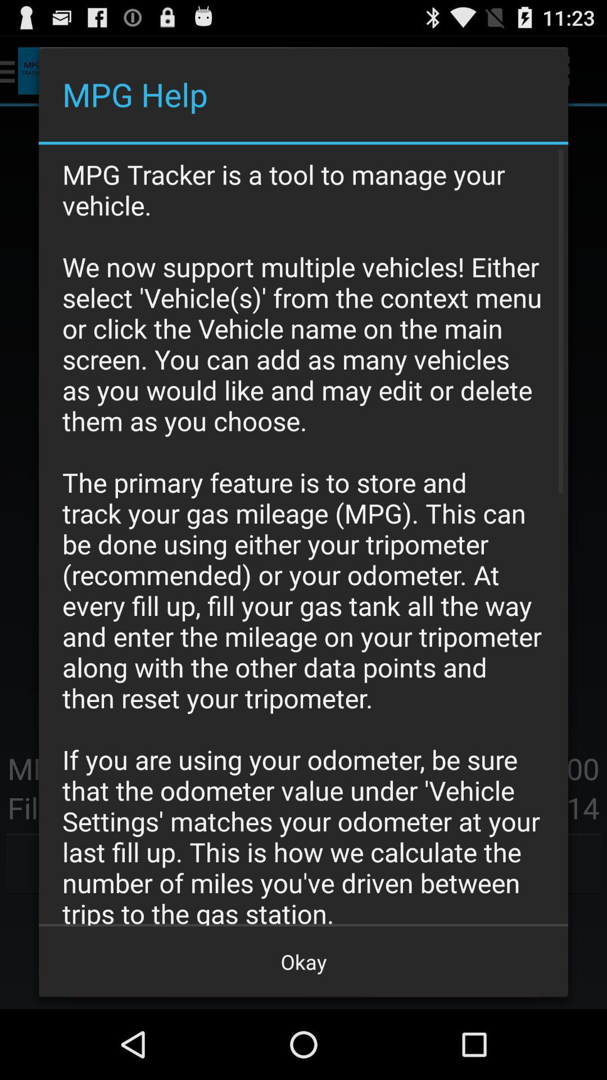 The width and height of the screenshot is (607, 1080). I want to click on the item below the mpg tracker is app, so click(303, 961).